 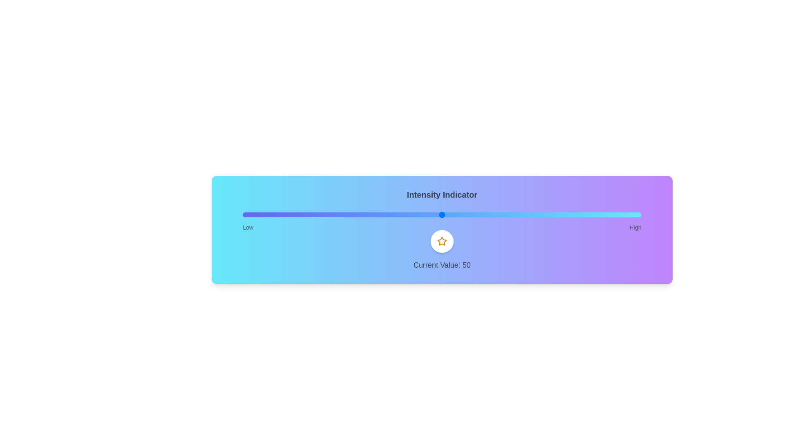 I want to click on the slider to a specific value, 39, to observe the icon's behavior, so click(x=398, y=214).